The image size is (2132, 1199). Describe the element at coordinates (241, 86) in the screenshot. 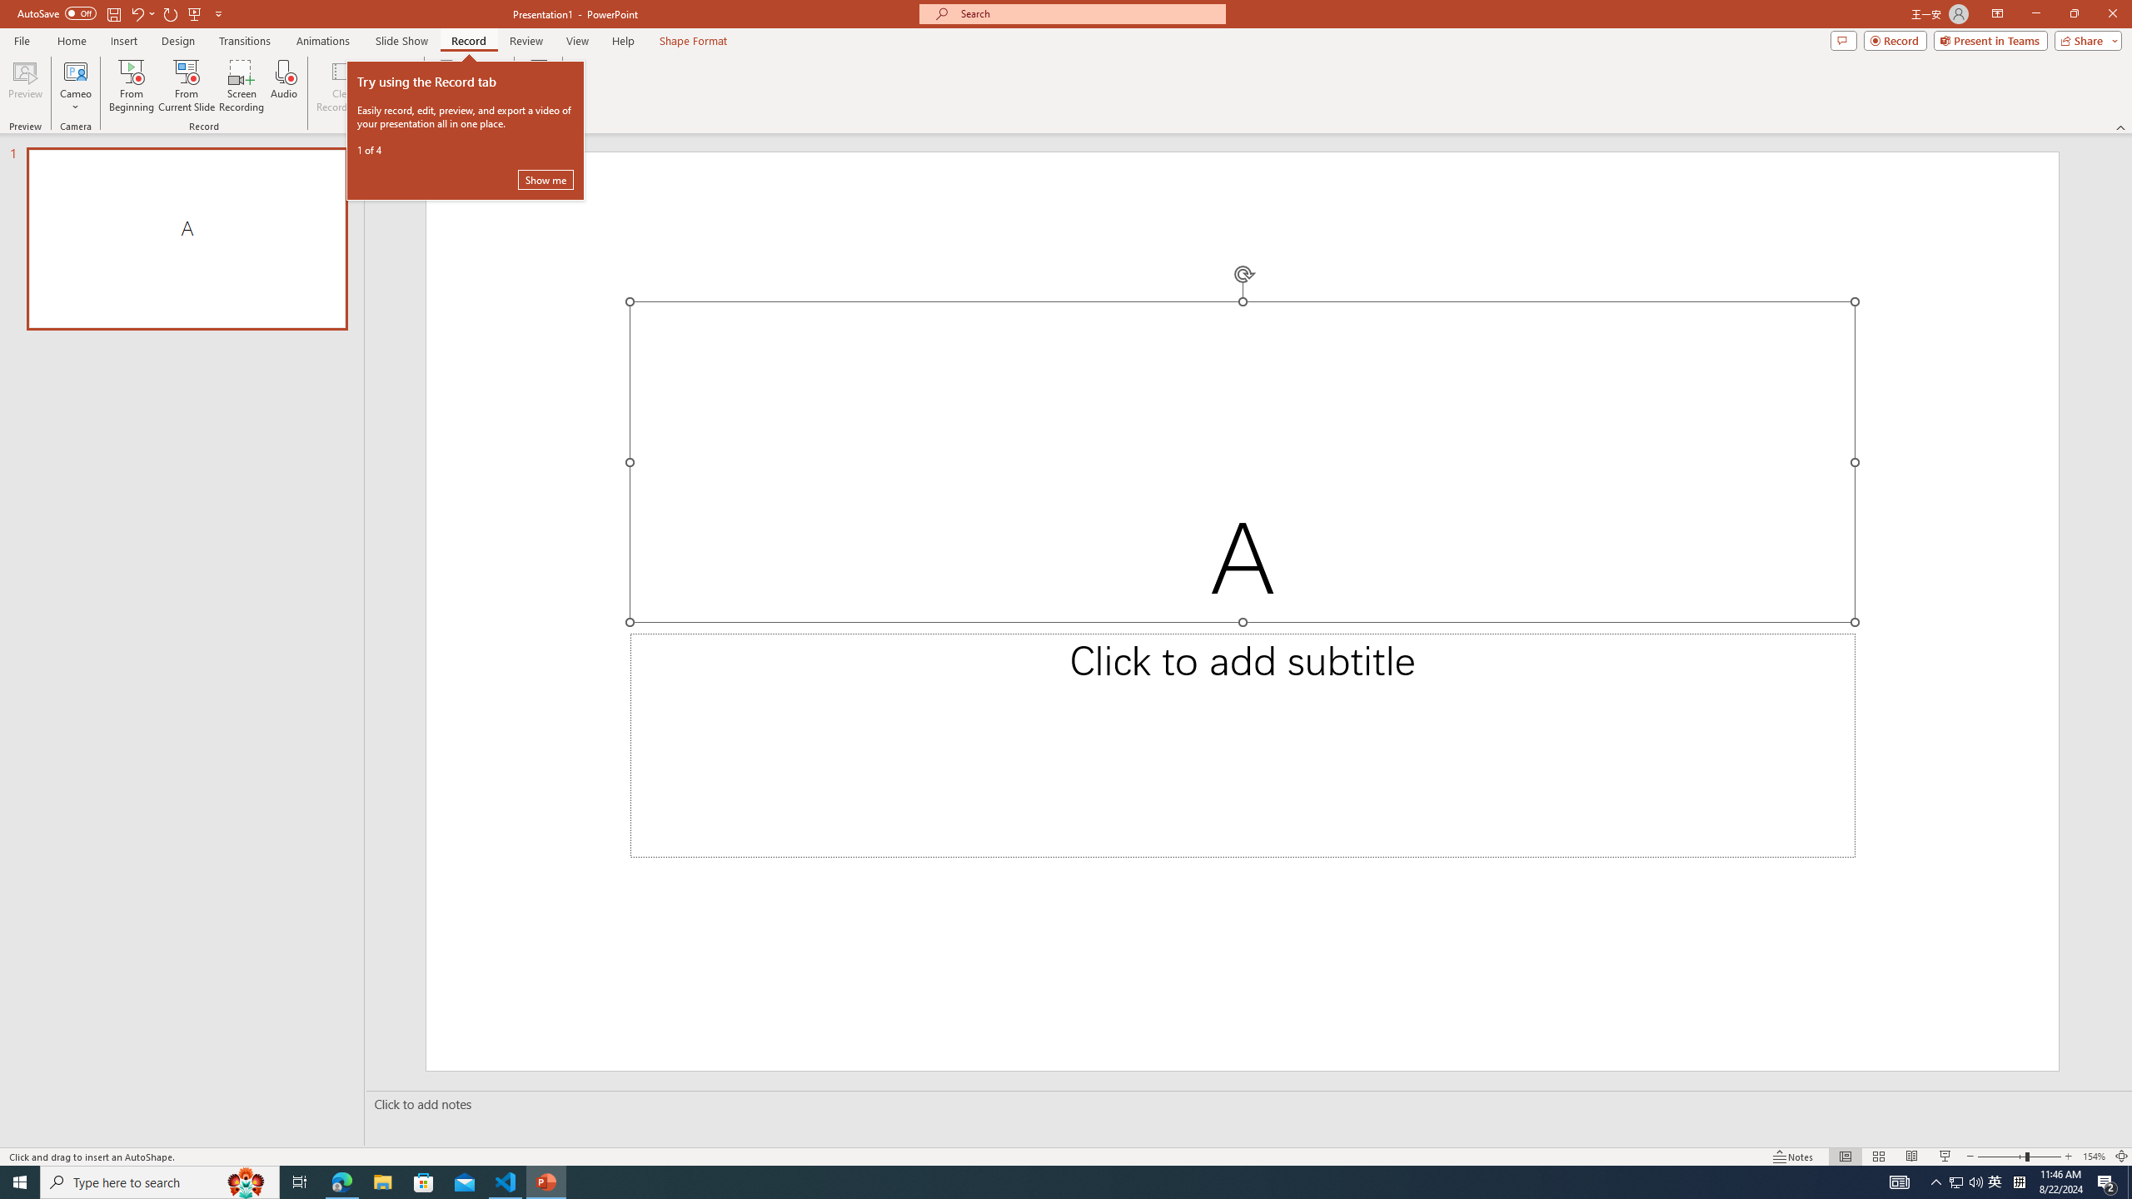

I see `'Screen Recording'` at that location.